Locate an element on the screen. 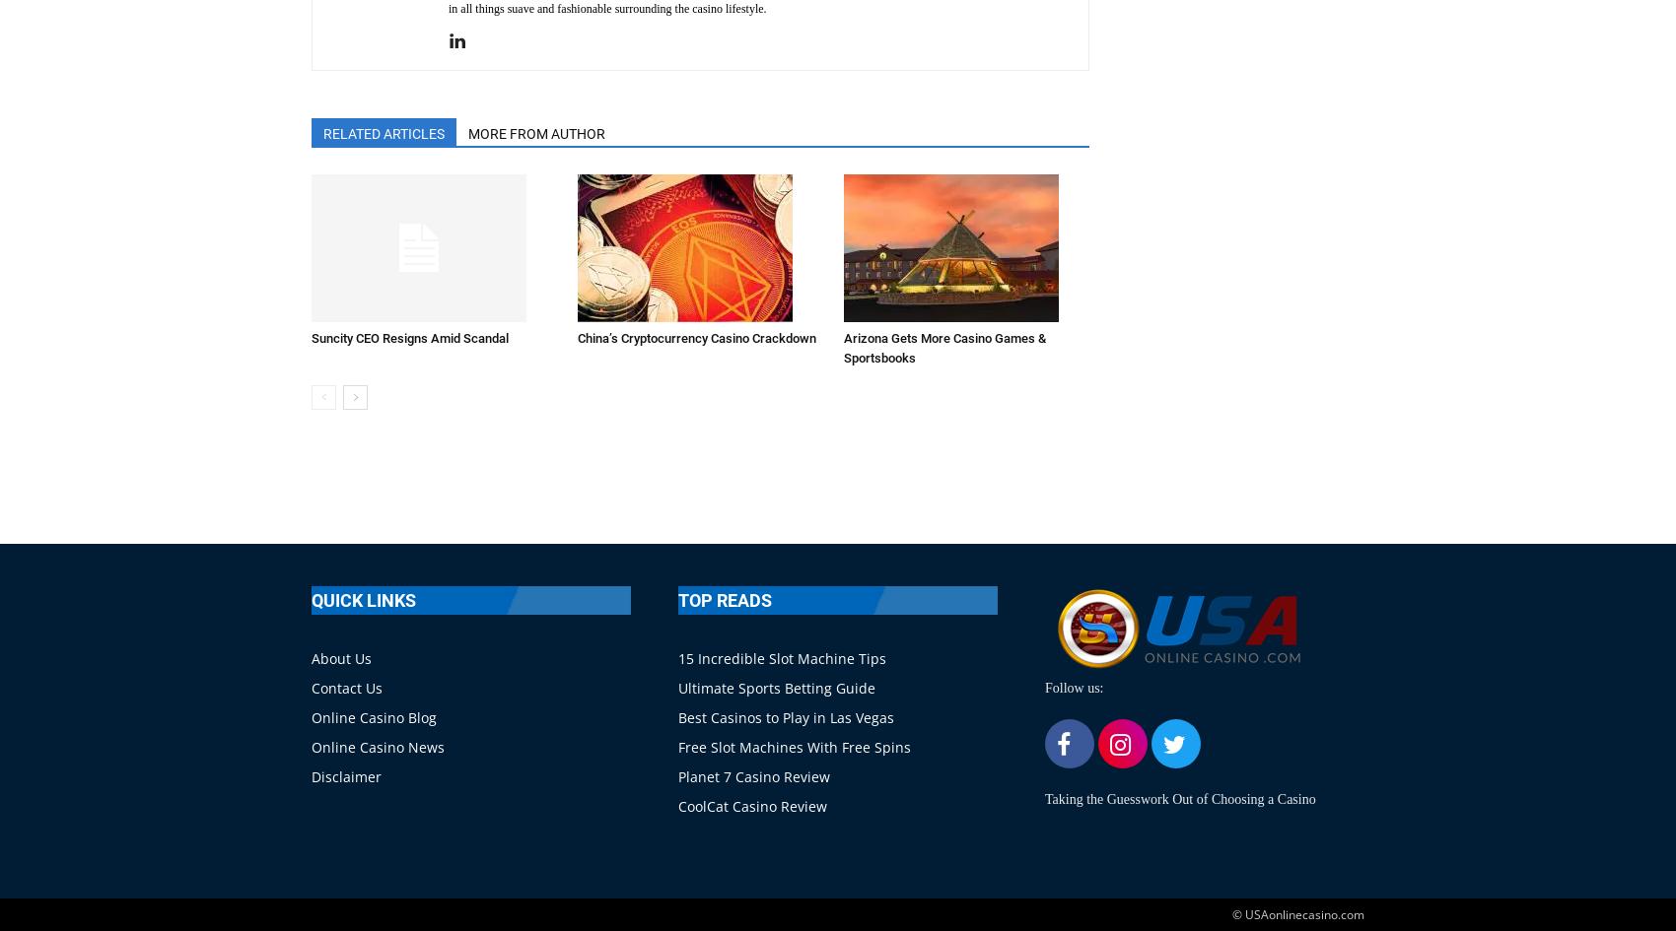 Image resolution: width=1676 pixels, height=931 pixels. 'Free Slot Machines With Free Spins' is located at coordinates (792, 746).